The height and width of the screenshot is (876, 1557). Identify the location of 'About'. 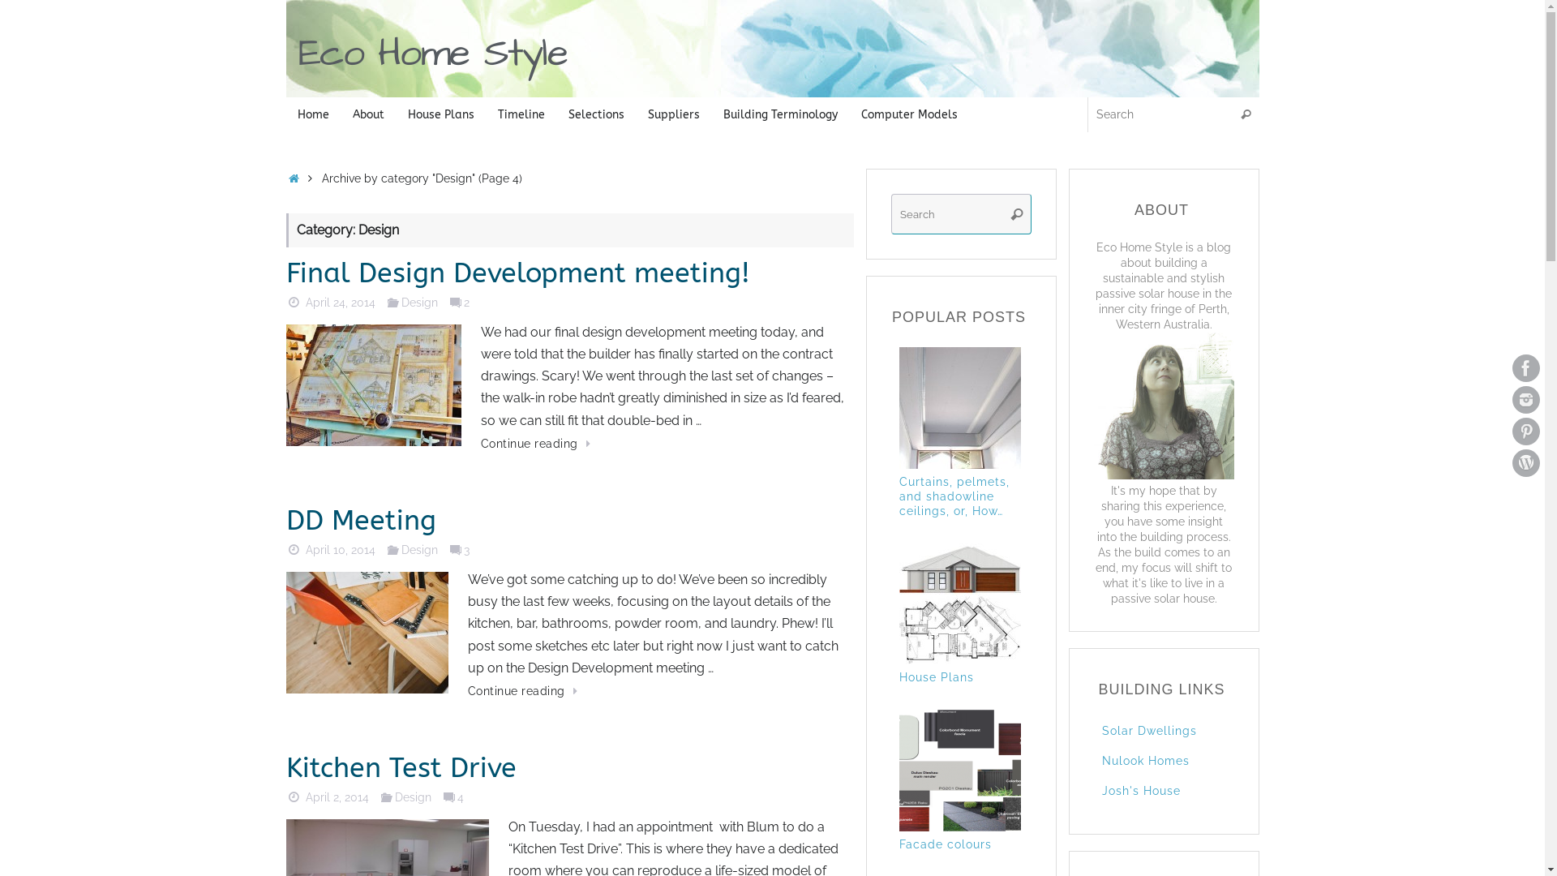
(367, 114).